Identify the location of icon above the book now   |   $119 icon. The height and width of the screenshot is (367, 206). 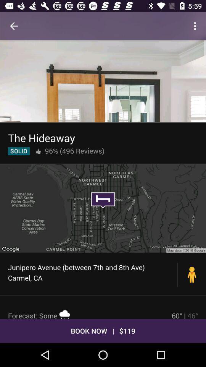
(184, 315).